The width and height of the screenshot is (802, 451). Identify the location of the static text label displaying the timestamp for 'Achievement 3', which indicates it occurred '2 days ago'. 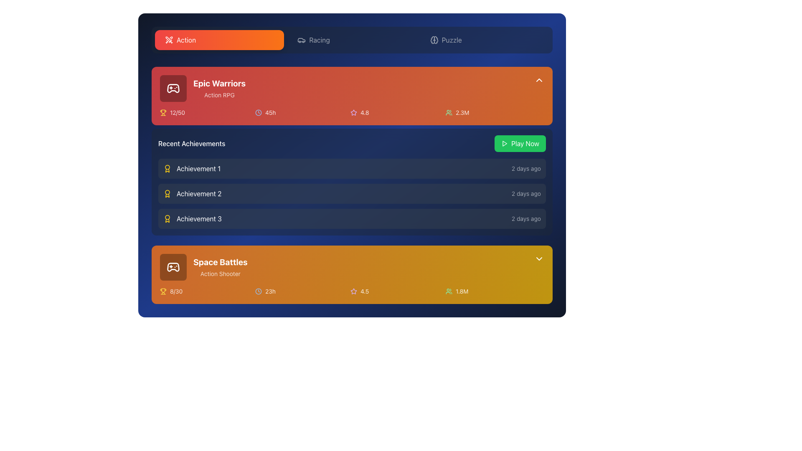
(525, 218).